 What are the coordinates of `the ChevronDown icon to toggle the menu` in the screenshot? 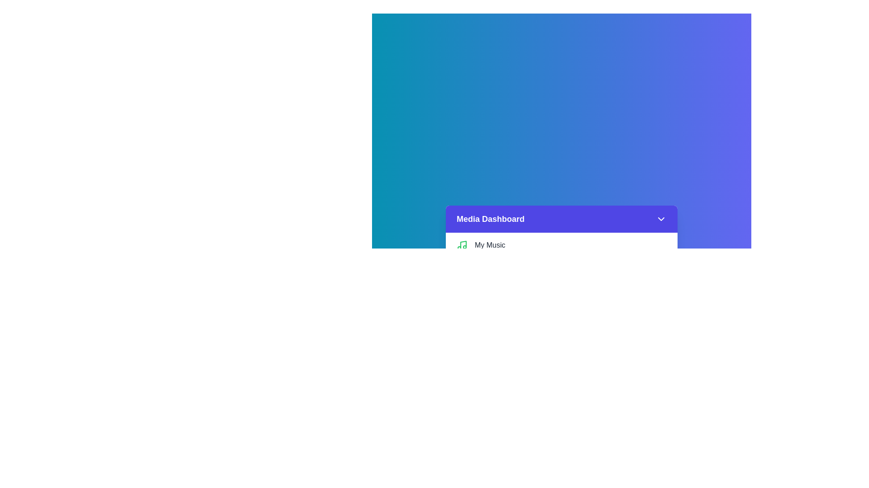 It's located at (661, 219).